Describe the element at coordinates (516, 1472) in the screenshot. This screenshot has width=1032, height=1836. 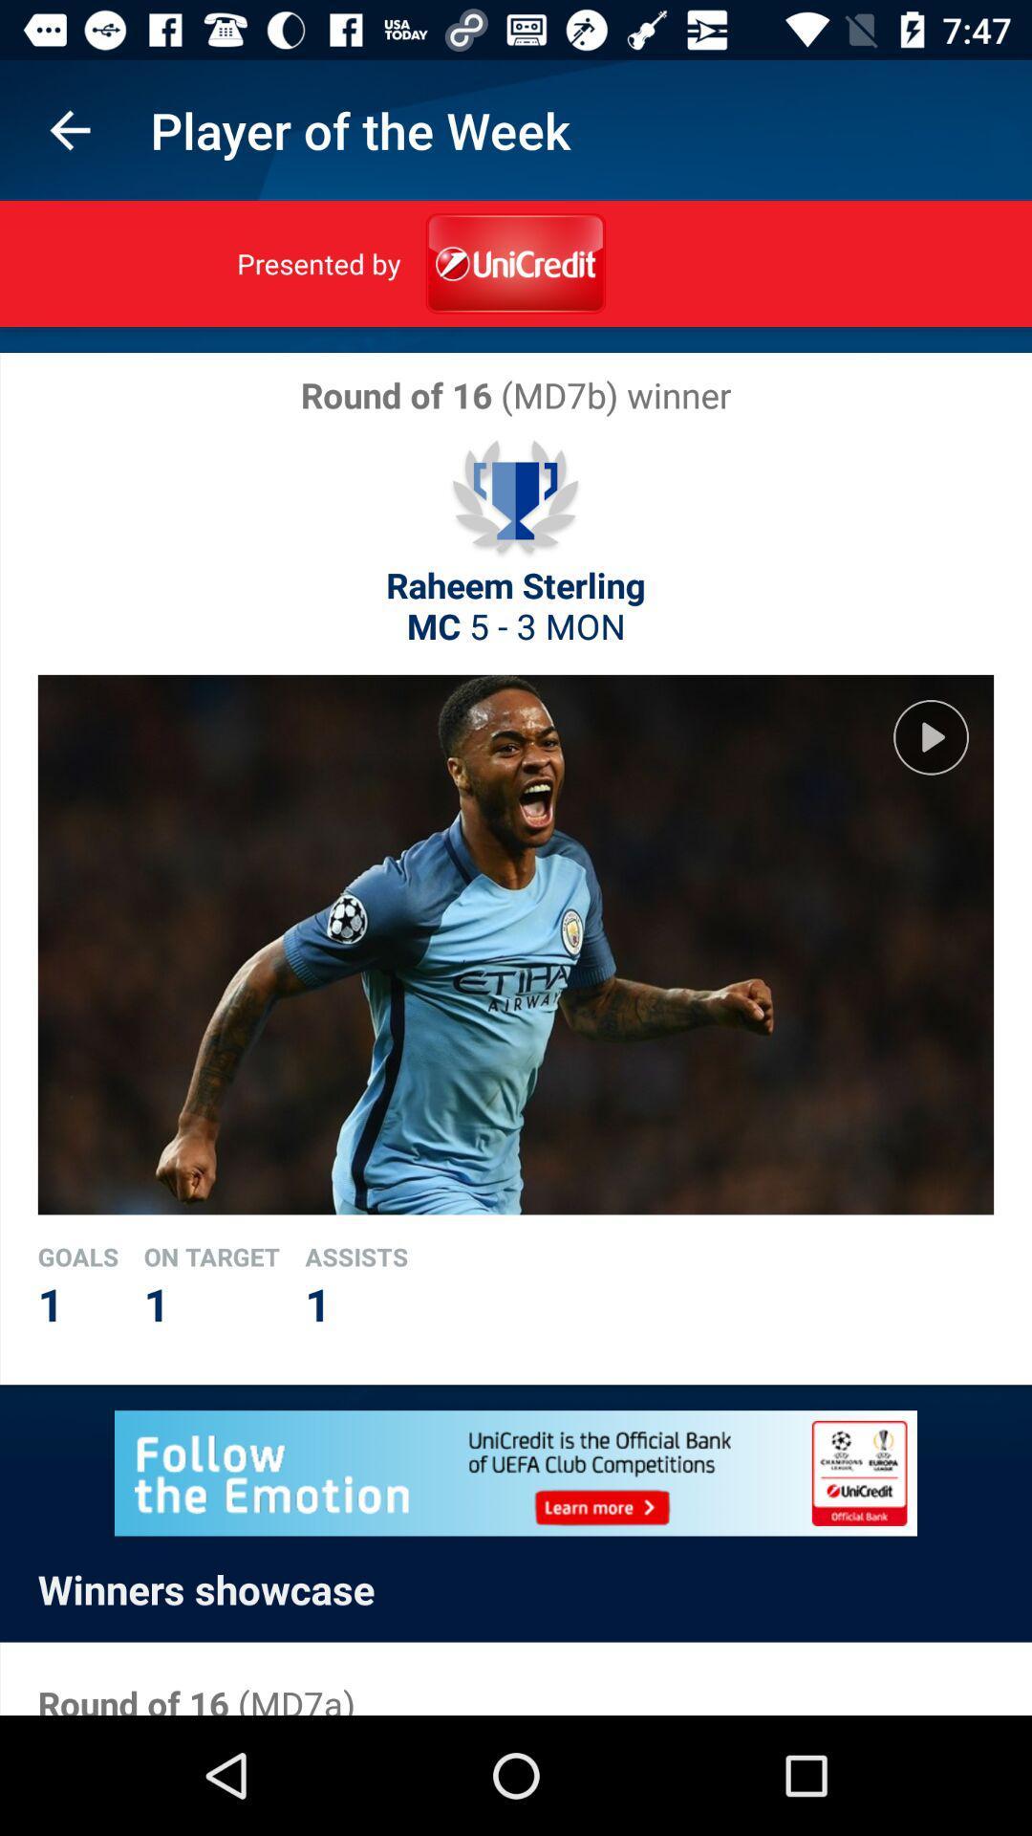
I see `advertisement page` at that location.